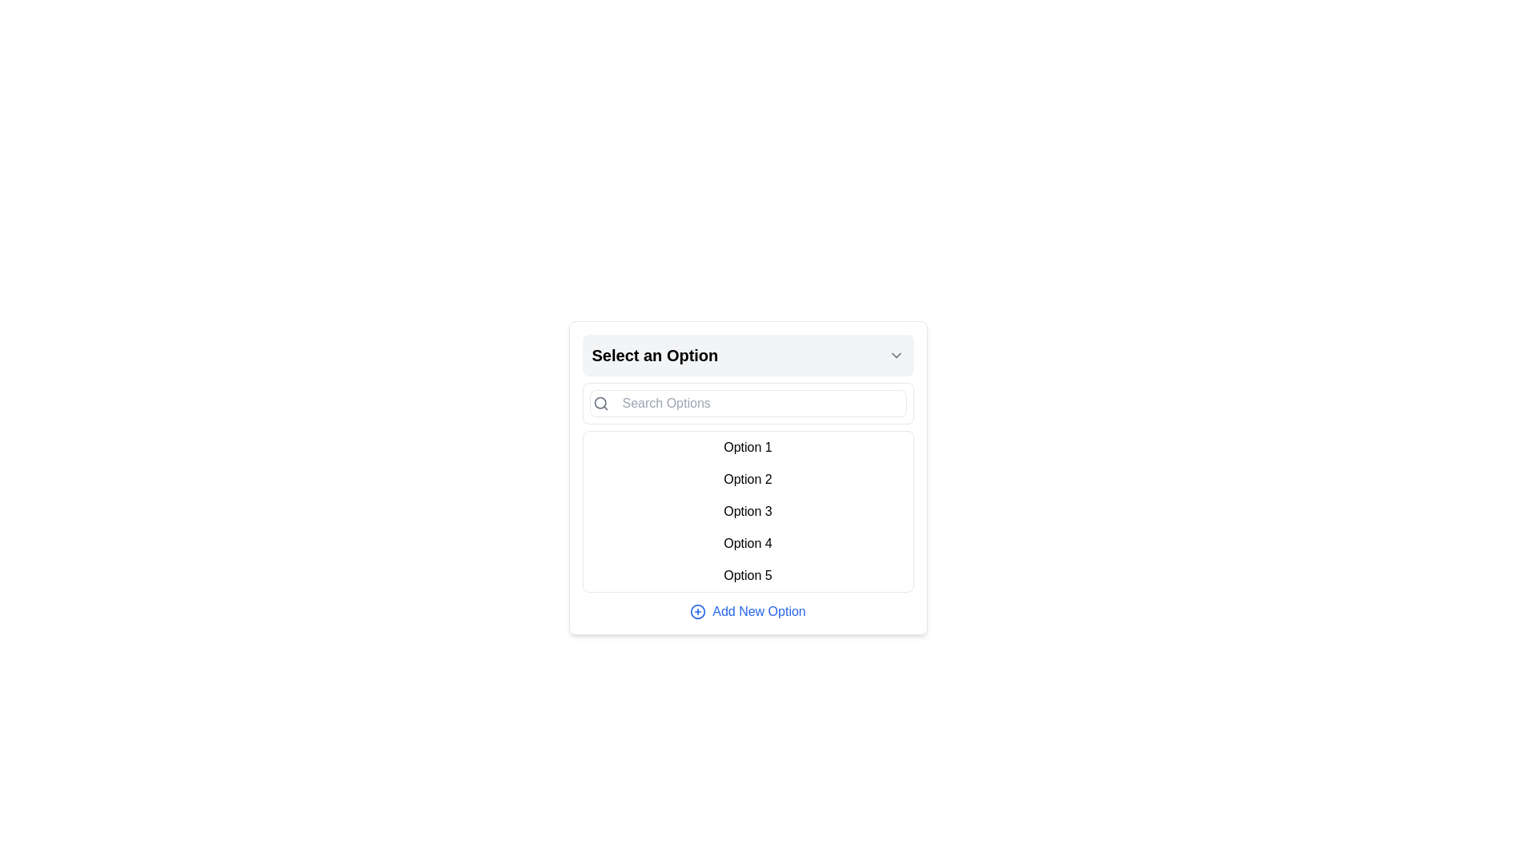 The image size is (1537, 865). What do you see at coordinates (747, 542) in the screenshot?
I see `the list item displaying 'Option 4'` at bounding box center [747, 542].